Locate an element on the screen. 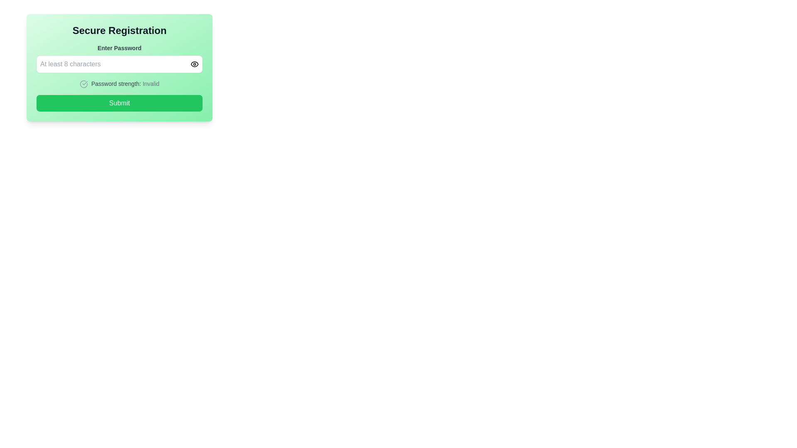 Image resolution: width=797 pixels, height=448 pixels. the eye icon button used for toggling password visibility is located at coordinates (194, 63).